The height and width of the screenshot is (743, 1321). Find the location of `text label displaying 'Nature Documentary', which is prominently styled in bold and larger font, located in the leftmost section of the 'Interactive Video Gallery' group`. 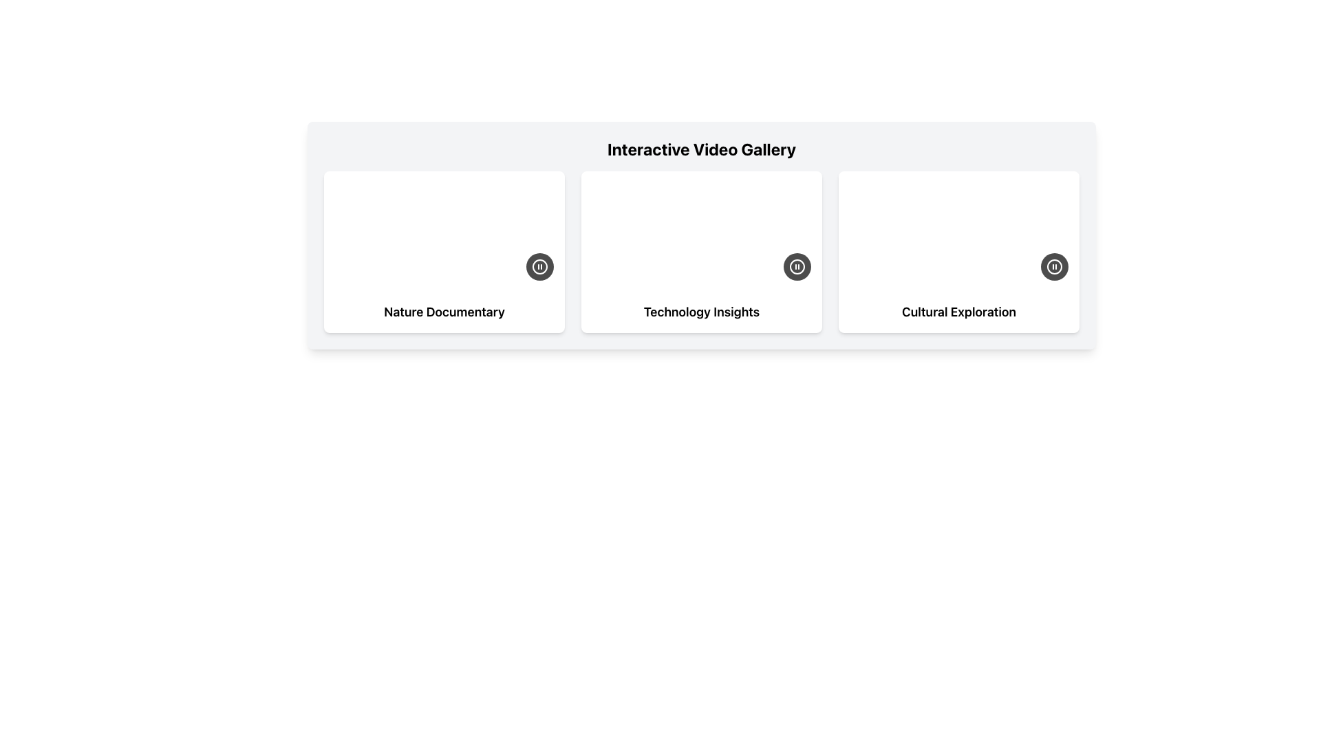

text label displaying 'Nature Documentary', which is prominently styled in bold and larger font, located in the leftmost section of the 'Interactive Video Gallery' group is located at coordinates (444, 312).